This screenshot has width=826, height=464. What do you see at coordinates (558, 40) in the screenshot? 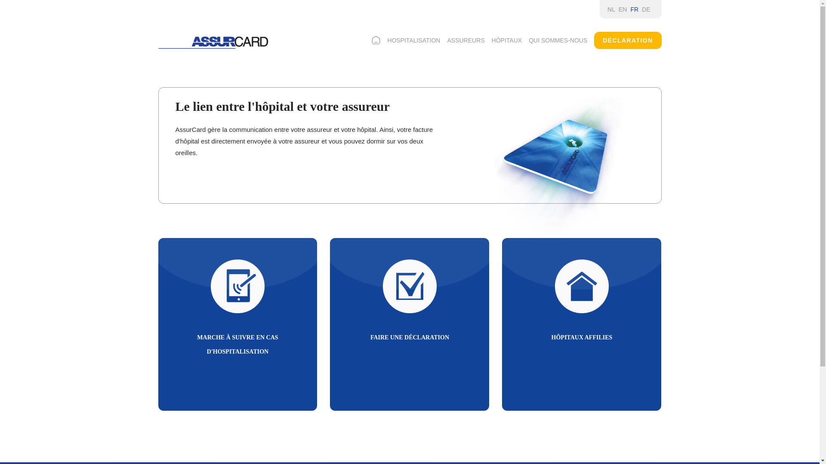
I see `'QUI SOMMES-NOUS'` at bounding box center [558, 40].